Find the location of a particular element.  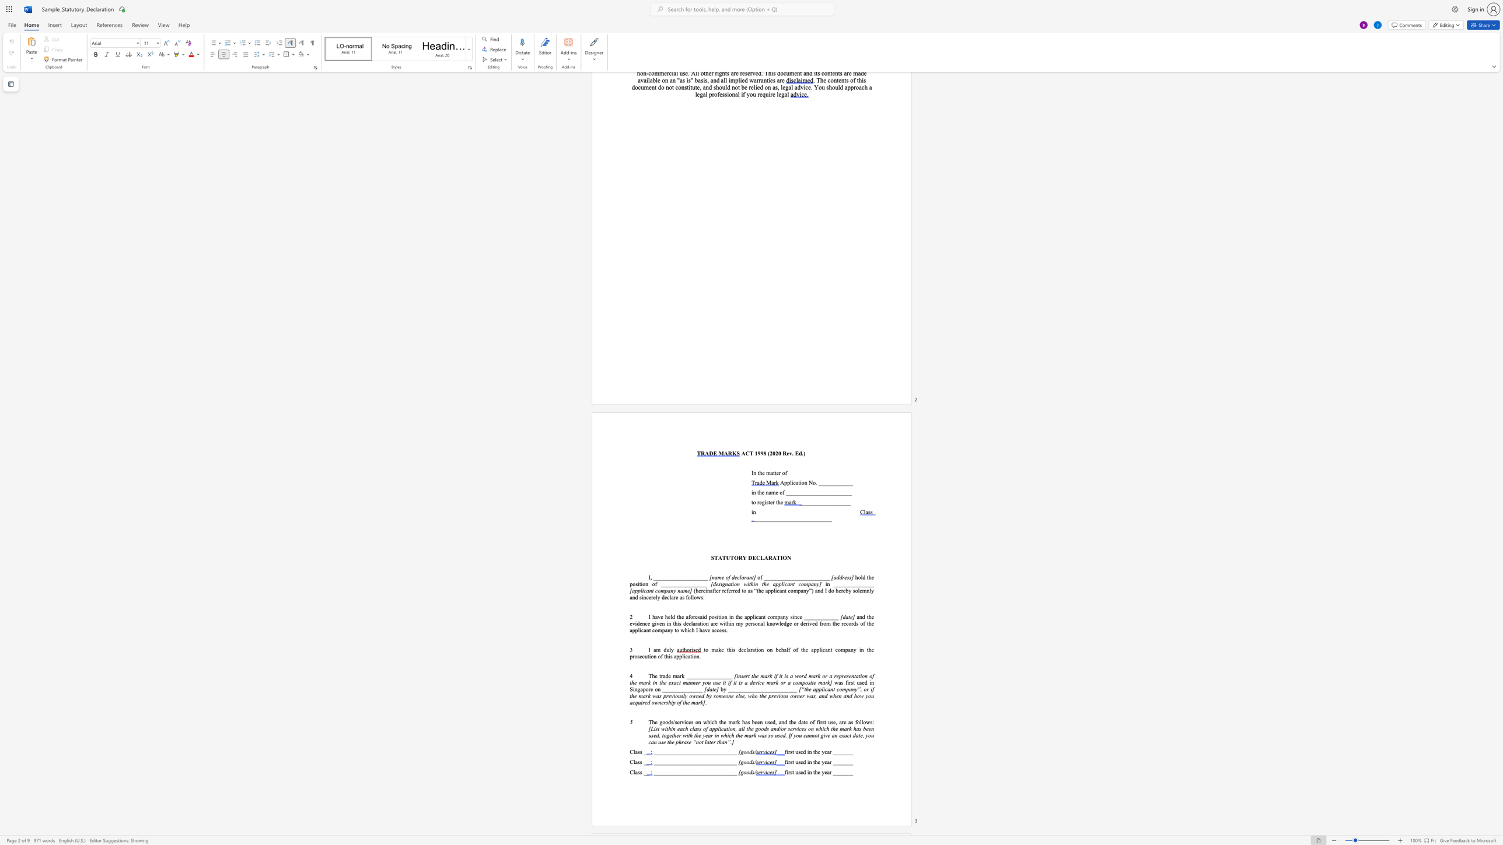

the subset text "cation." within the text "to make this declaration on behalf of the applicant company in the prosecution of this application." is located at coordinates (684, 656).